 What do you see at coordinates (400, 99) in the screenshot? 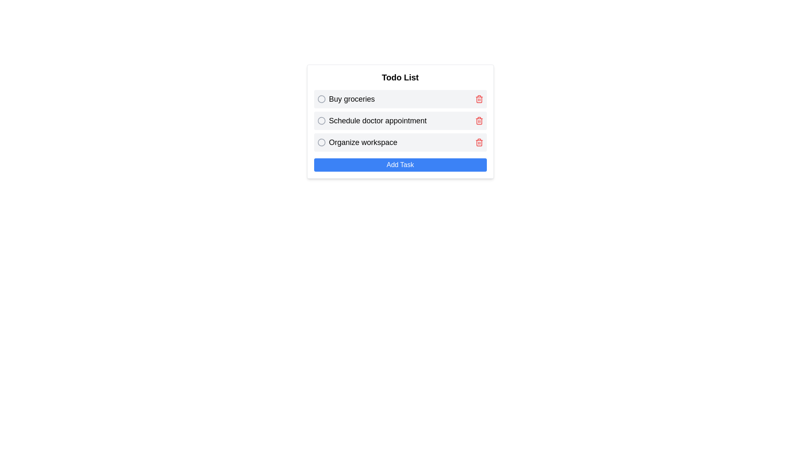
I see `the checkbox of the topmost task entry in the 'Todo List' to mark it as complete` at bounding box center [400, 99].